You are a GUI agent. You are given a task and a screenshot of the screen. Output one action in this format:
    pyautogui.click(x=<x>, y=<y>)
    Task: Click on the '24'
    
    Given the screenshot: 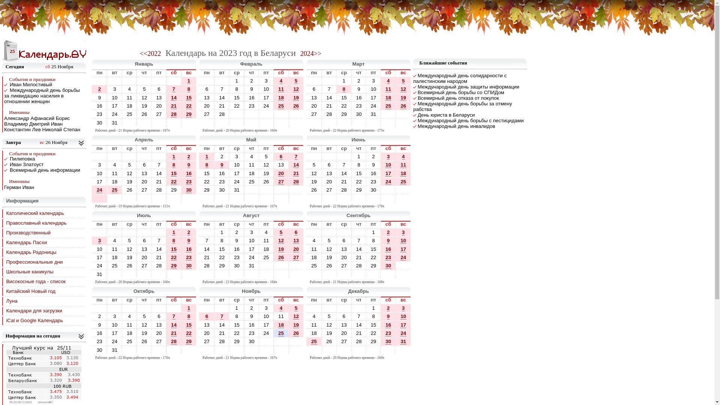 What is the action you would take?
    pyautogui.click(x=114, y=114)
    